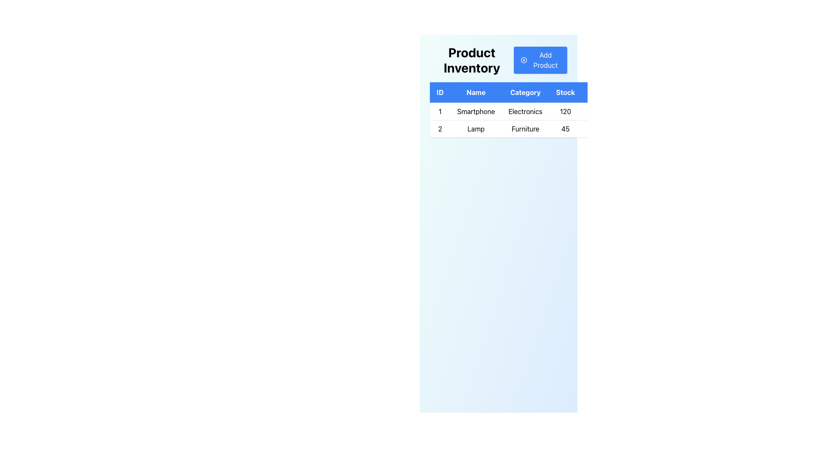  What do you see at coordinates (600, 111) in the screenshot?
I see `the clickable area in the 'Stock' column of the first row for the item 'Smartphone', which is located to the right of the column's data field and adjacent to the edit and delete icons` at bounding box center [600, 111].